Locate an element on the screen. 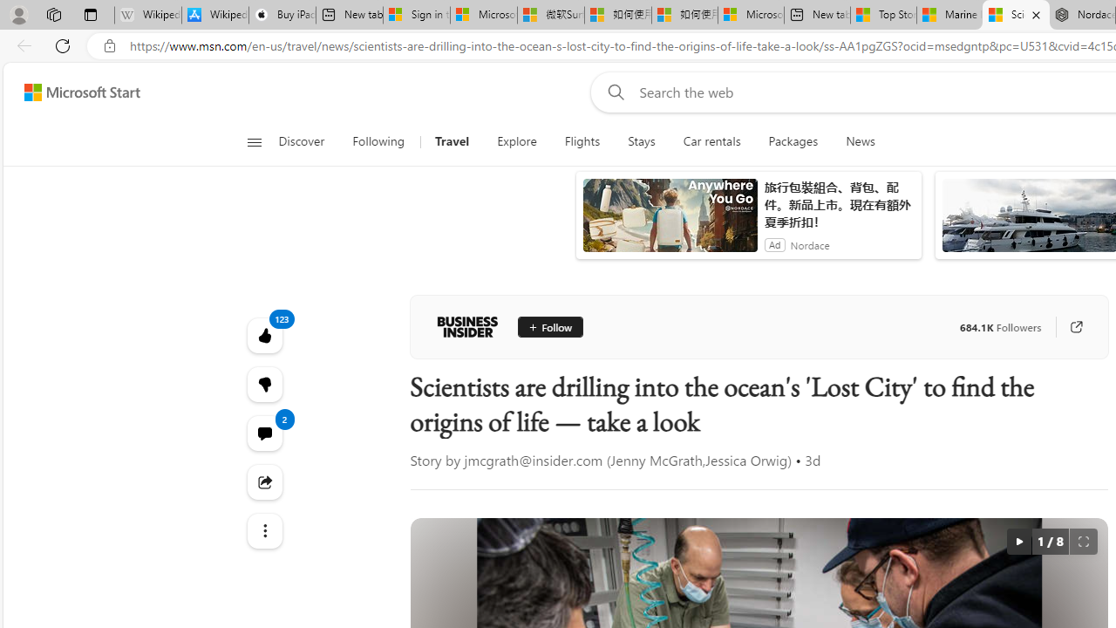 The image size is (1116, 628). 'Personal Profile' is located at coordinates (18, 14).